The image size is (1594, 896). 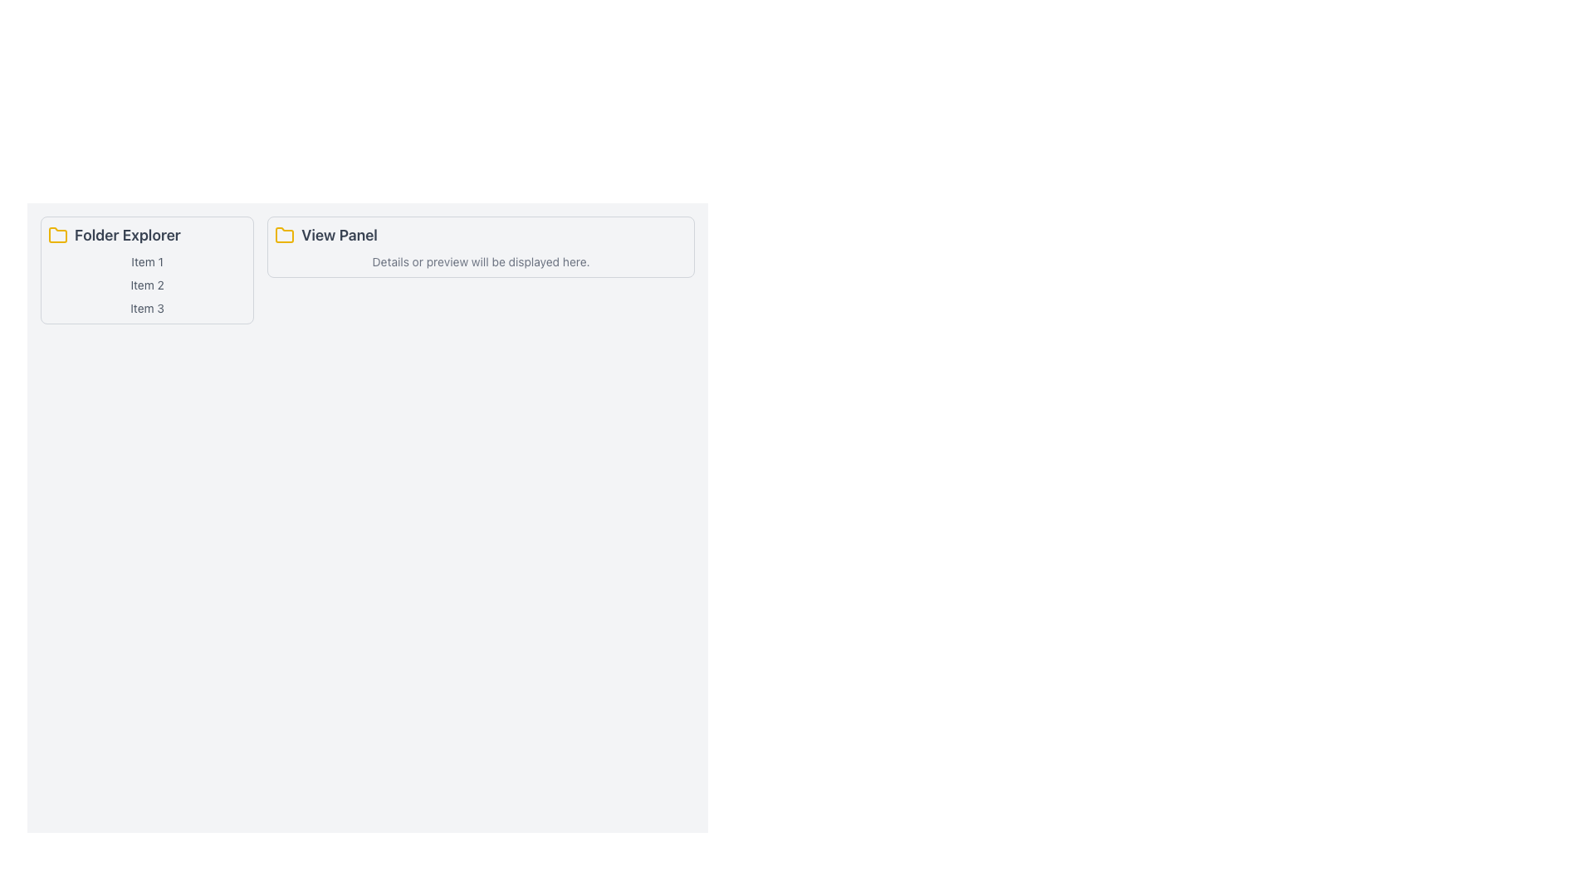 What do you see at coordinates (339, 236) in the screenshot?
I see `text label 'View Panel' which is styled in a larger bold font and is dark gray in color, positioned next to a yellow folder icon` at bounding box center [339, 236].